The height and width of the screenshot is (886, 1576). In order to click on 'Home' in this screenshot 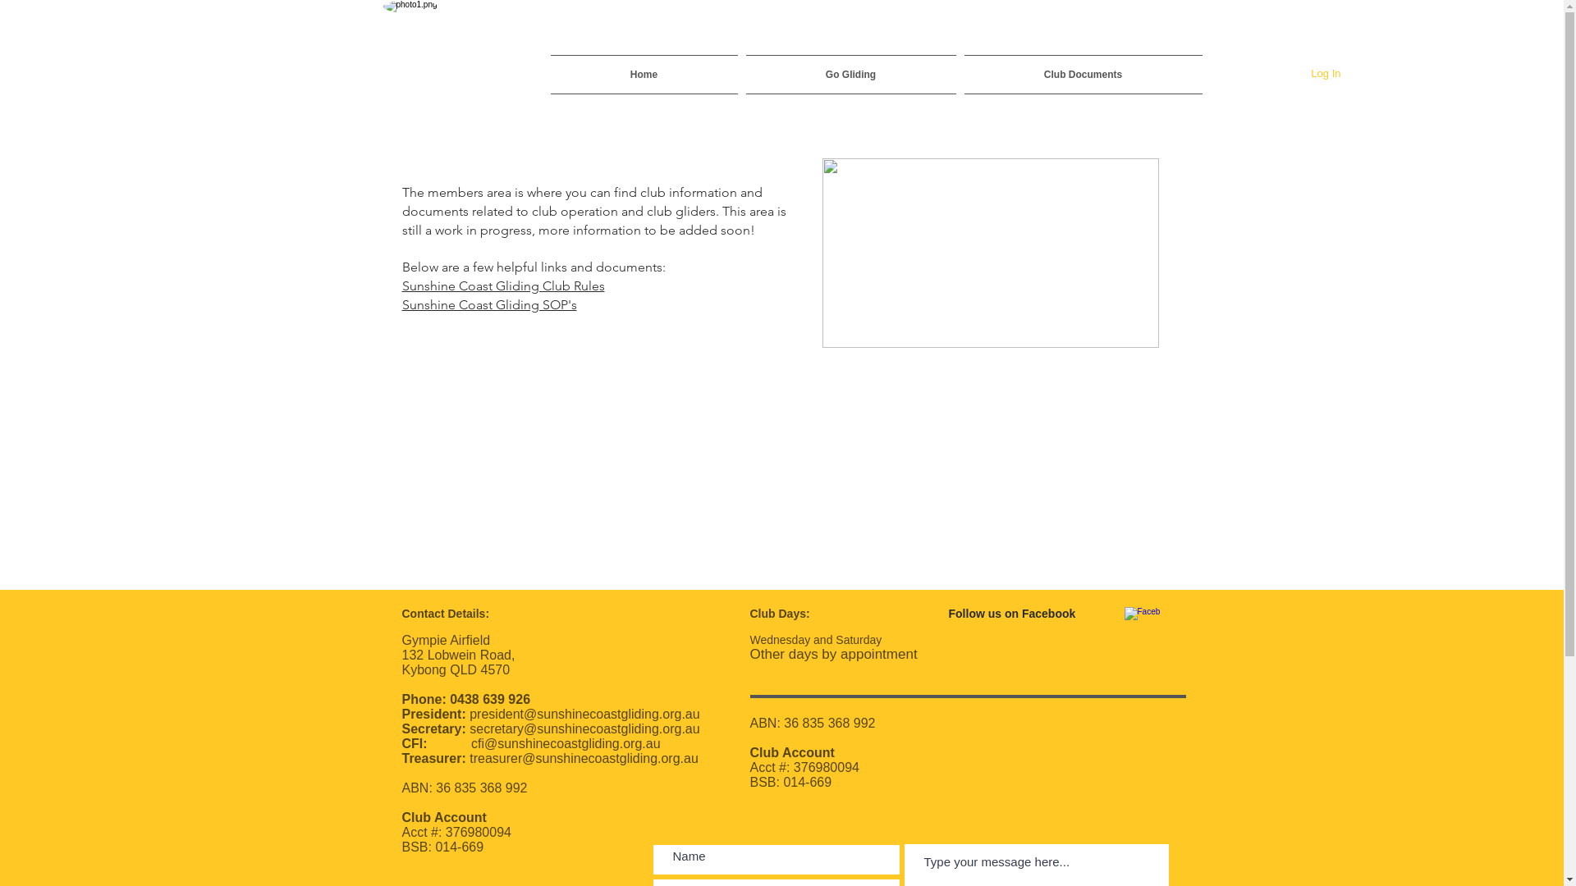, I will do `click(644, 75)`.